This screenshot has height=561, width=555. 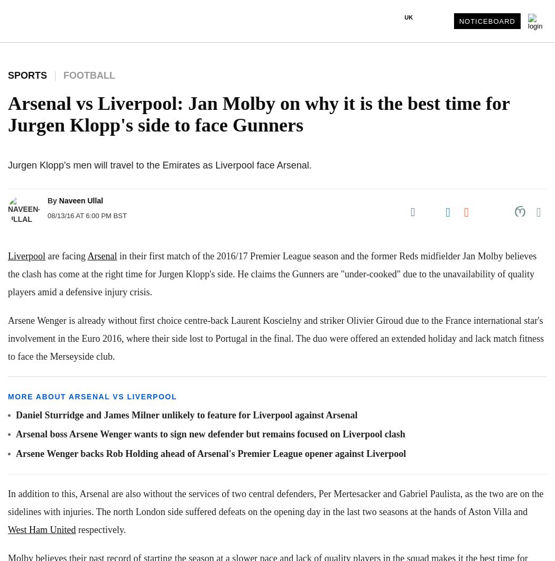 What do you see at coordinates (425, 143) in the screenshot?
I see `'Singapore Edition'` at bounding box center [425, 143].